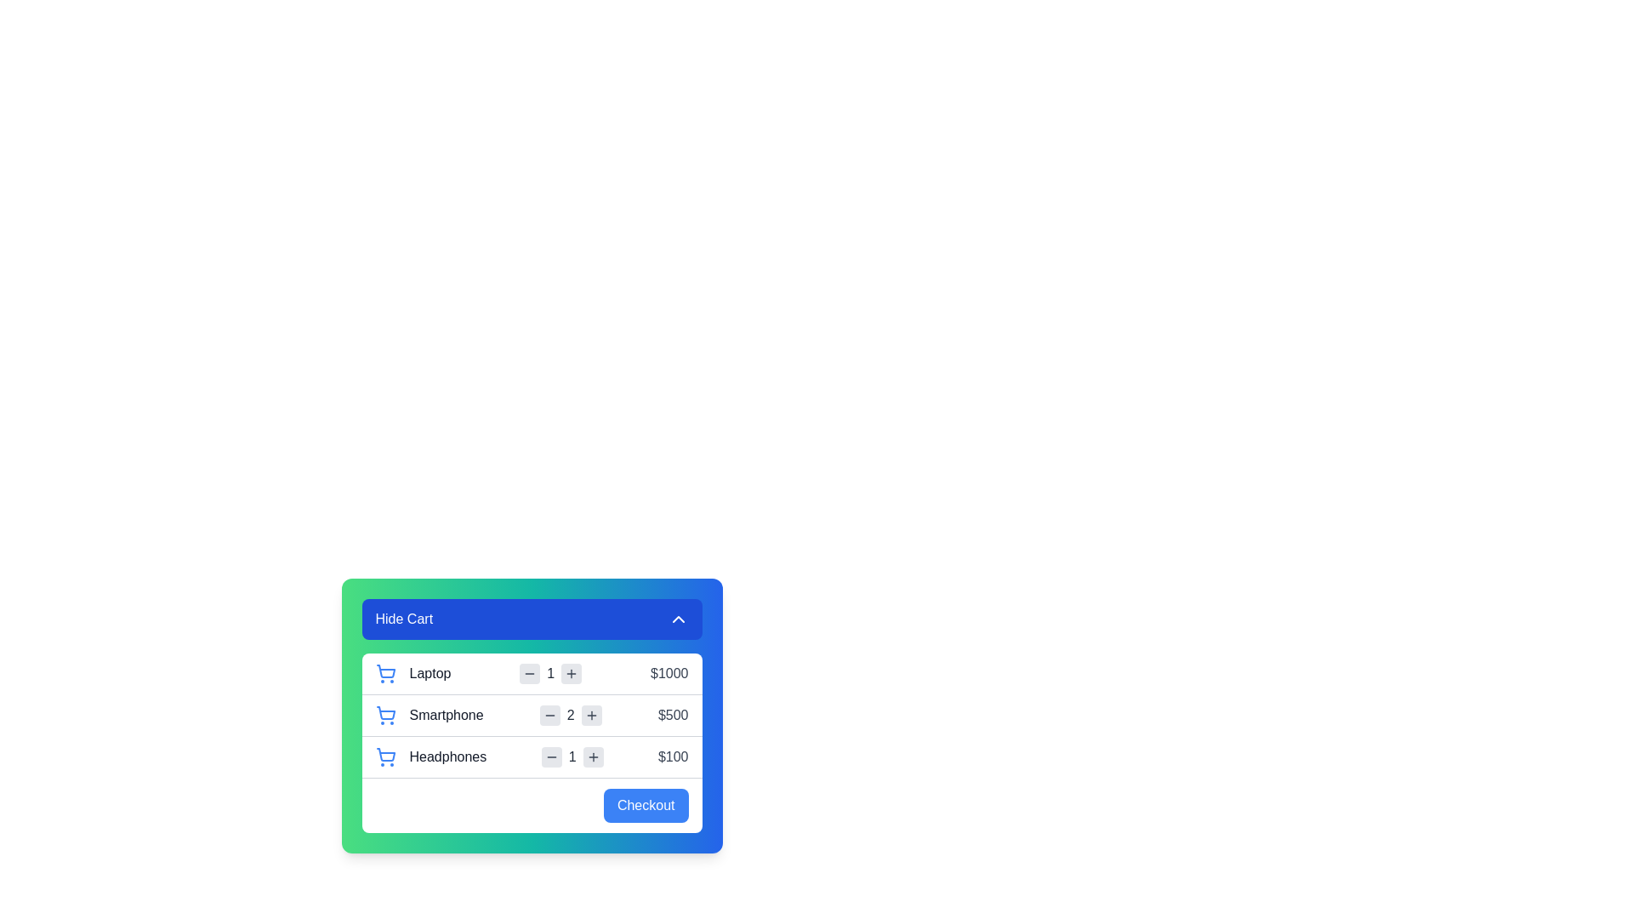  What do you see at coordinates (591, 715) in the screenshot?
I see `the plus sign icon button located to the right of the current item count in the cart interface for the 'Smartphone' item row to increment the item count` at bounding box center [591, 715].